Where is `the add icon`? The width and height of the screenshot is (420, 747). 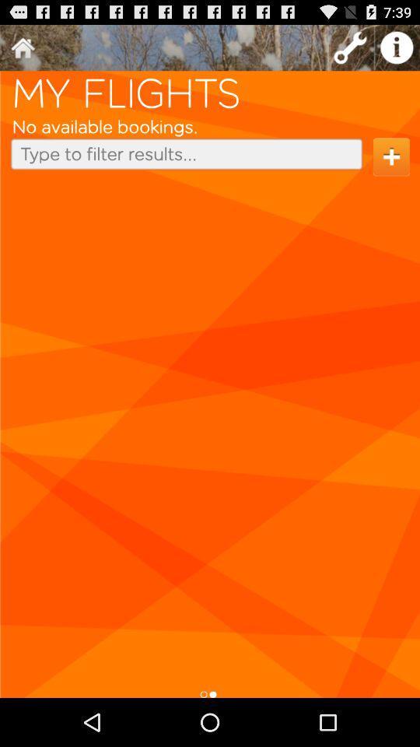
the add icon is located at coordinates (390, 167).